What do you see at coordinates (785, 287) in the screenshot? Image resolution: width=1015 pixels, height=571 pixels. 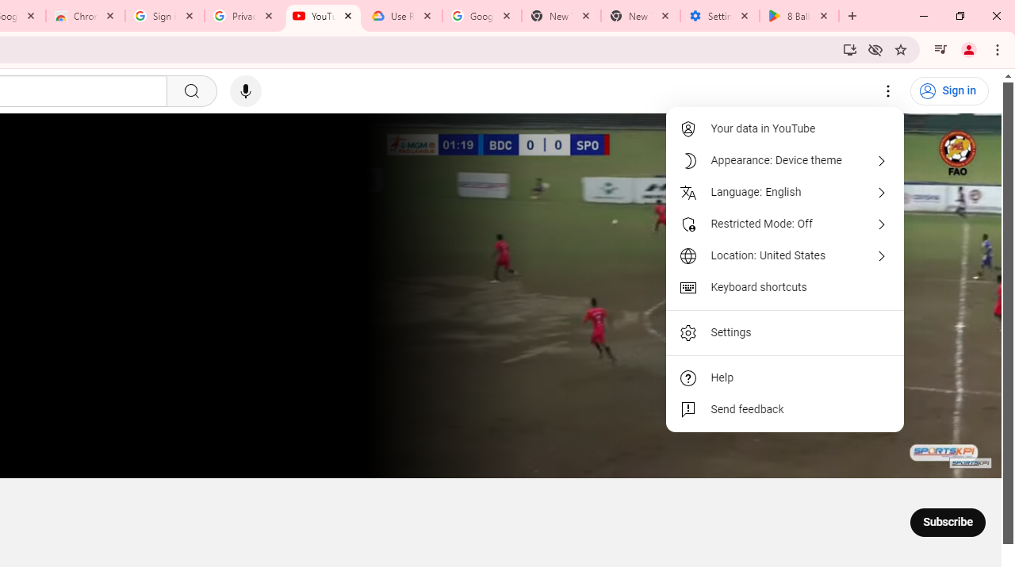 I see `'Keyboard shortcuts'` at bounding box center [785, 287].